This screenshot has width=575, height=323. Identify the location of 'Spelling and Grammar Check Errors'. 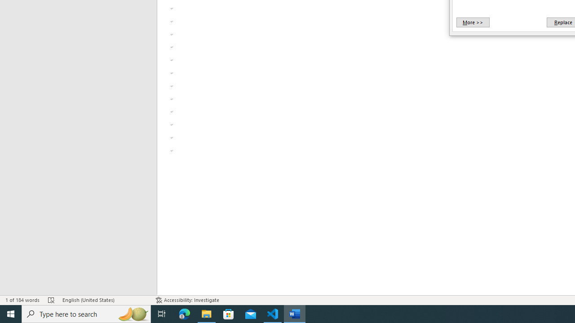
(51, 300).